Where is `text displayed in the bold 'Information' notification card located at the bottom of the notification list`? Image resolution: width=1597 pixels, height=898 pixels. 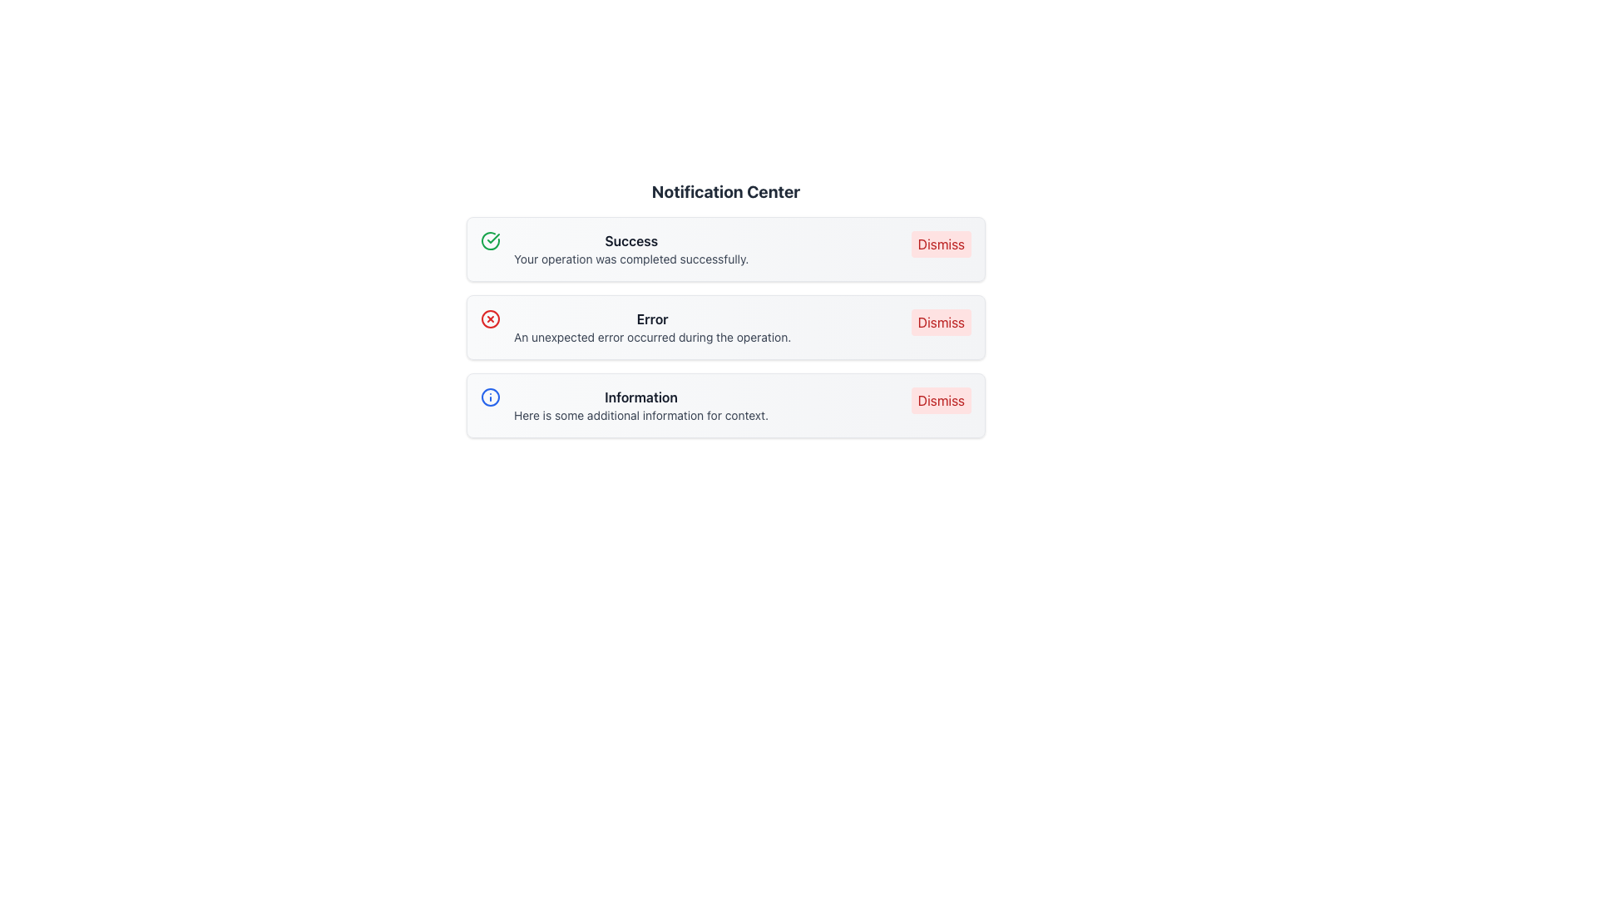
text displayed in the bold 'Information' notification card located at the bottom of the notification list is located at coordinates (640, 397).